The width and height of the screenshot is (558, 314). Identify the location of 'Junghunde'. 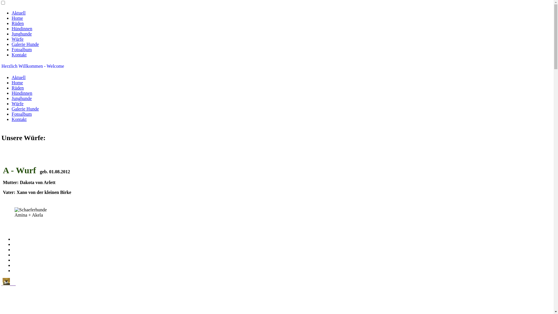
(22, 98).